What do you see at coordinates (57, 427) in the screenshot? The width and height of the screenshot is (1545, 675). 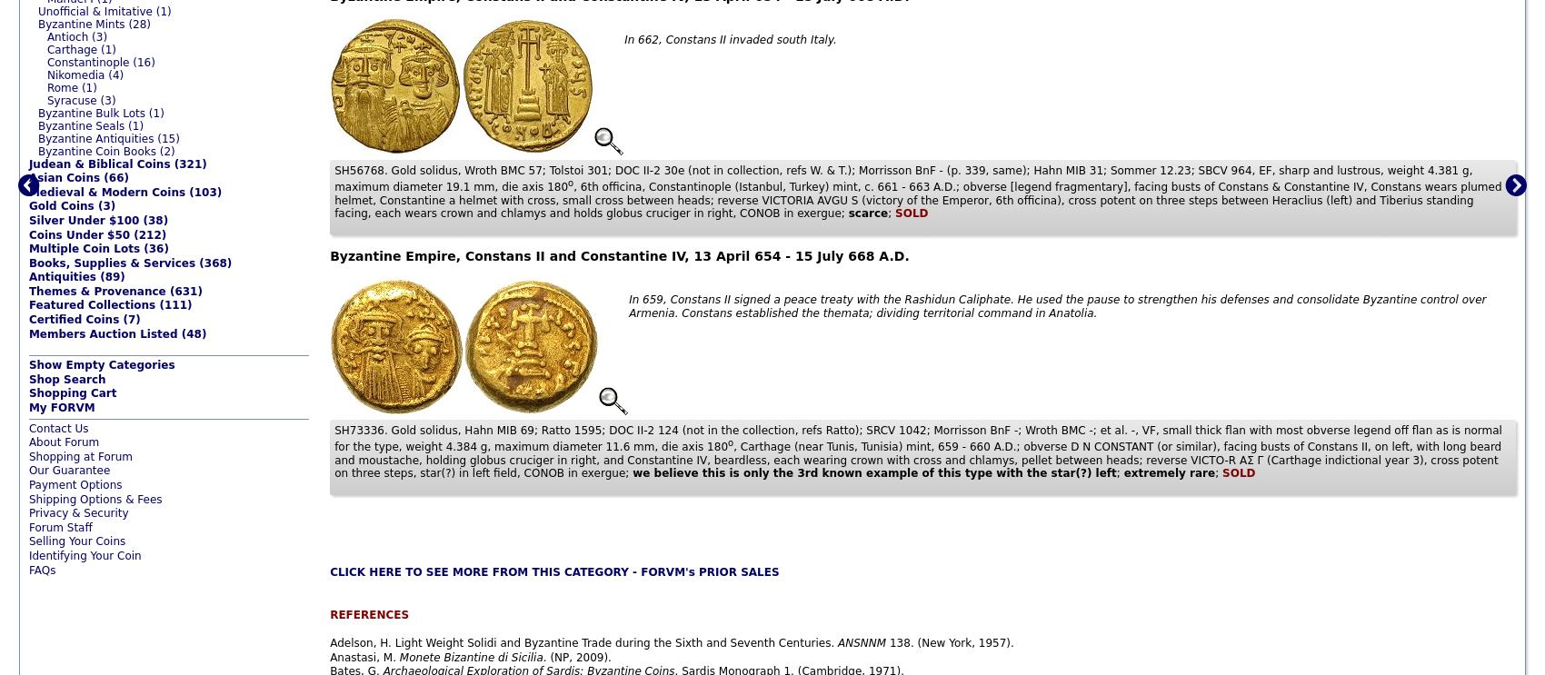 I see `'Contact Us'` at bounding box center [57, 427].